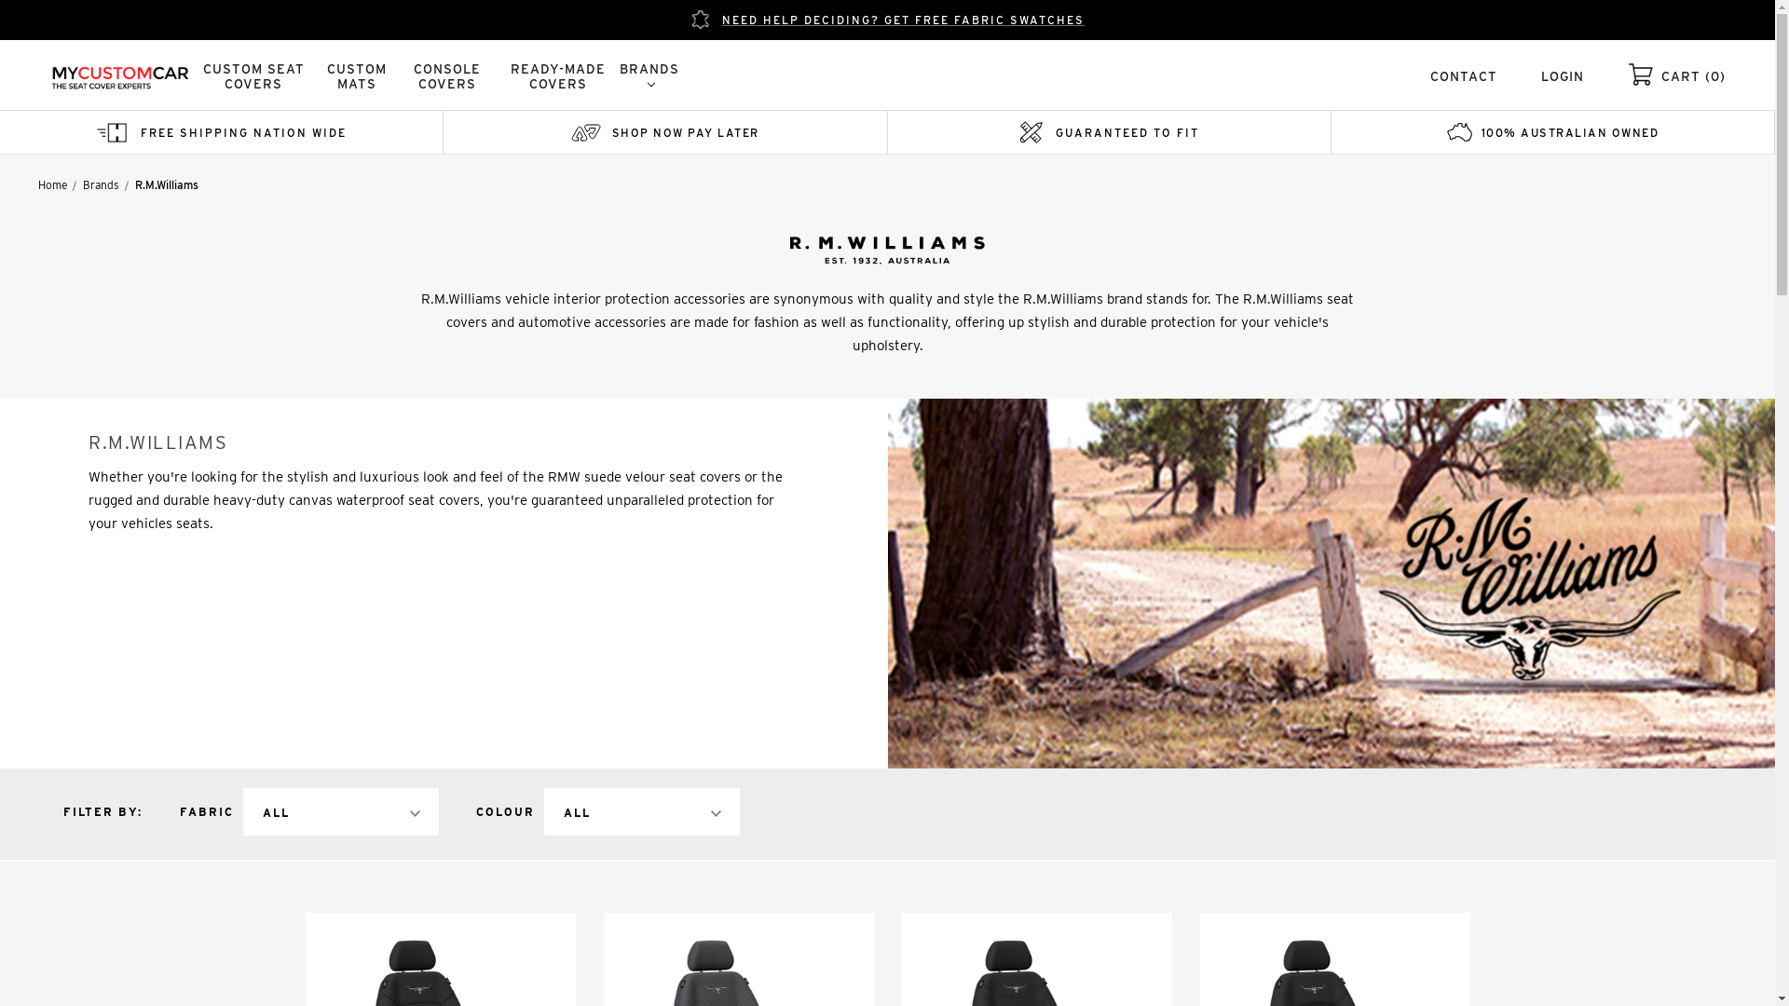 The width and height of the screenshot is (1789, 1006). Describe the element at coordinates (1330, 582) in the screenshot. I see `'R.M.Williams'` at that location.